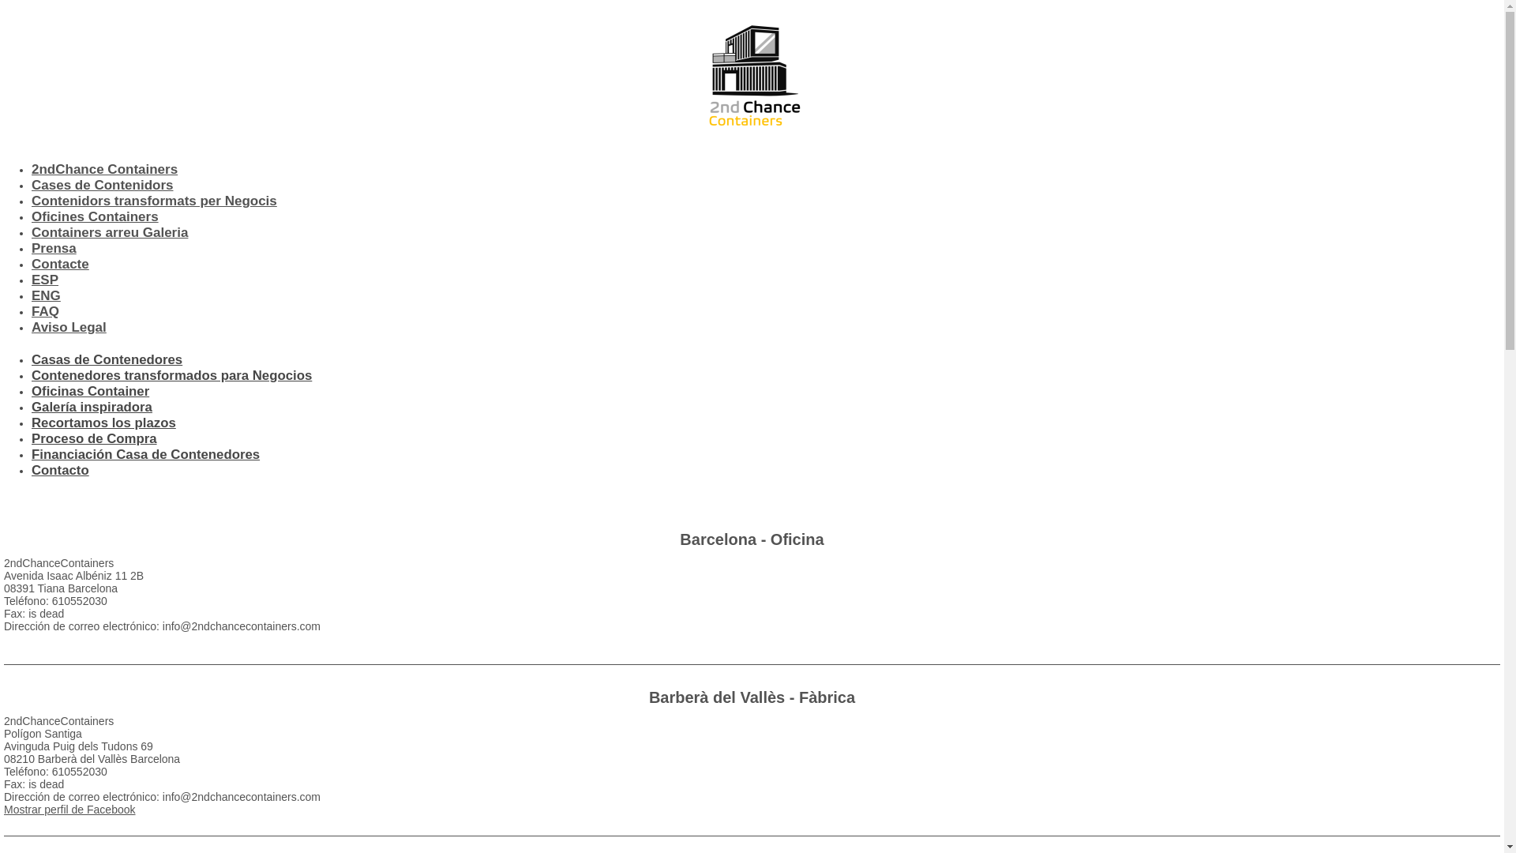 The width and height of the screenshot is (1516, 853). Describe the element at coordinates (154, 200) in the screenshot. I see `'Contenidors transformats per Negocis'` at that location.